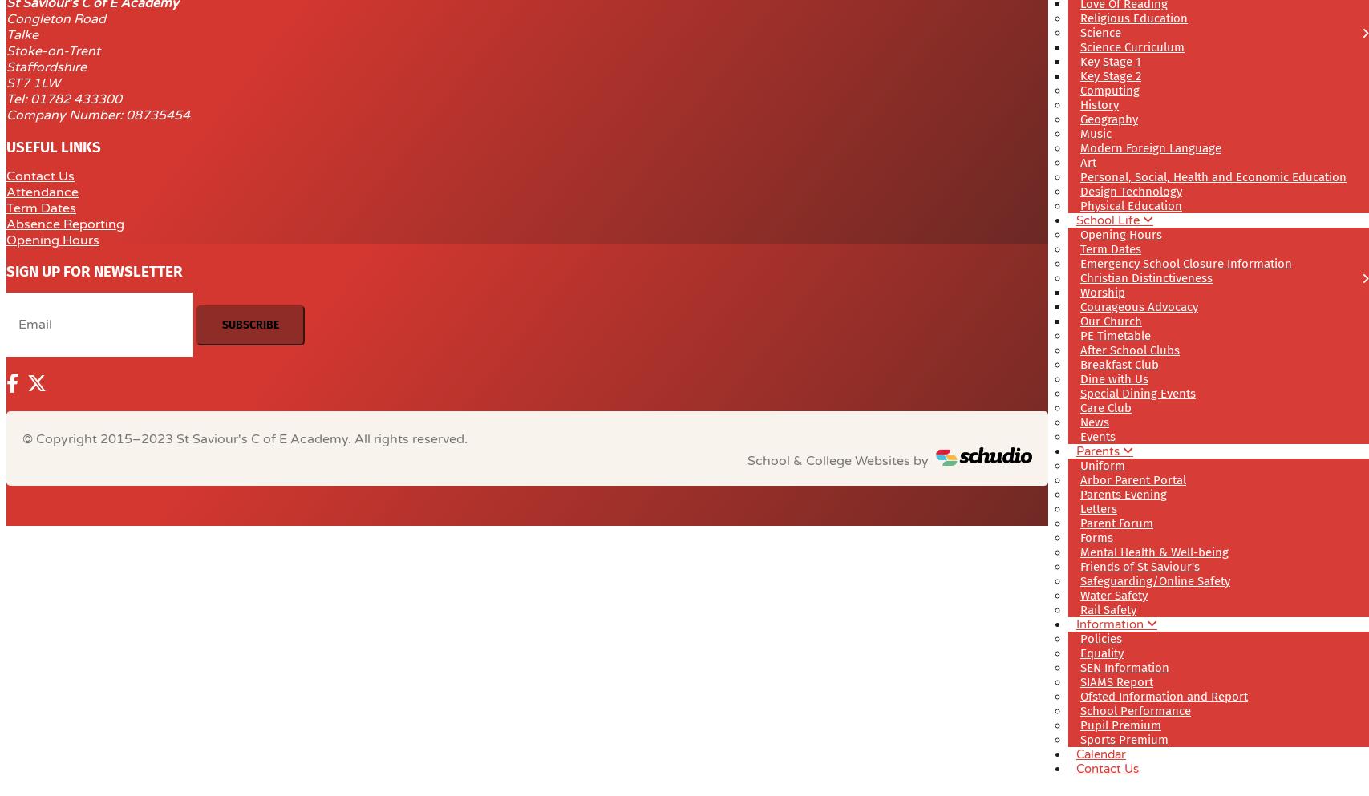 This screenshot has height=796, width=1369. Describe the element at coordinates (41, 206) in the screenshot. I see `'Term Dates'` at that location.